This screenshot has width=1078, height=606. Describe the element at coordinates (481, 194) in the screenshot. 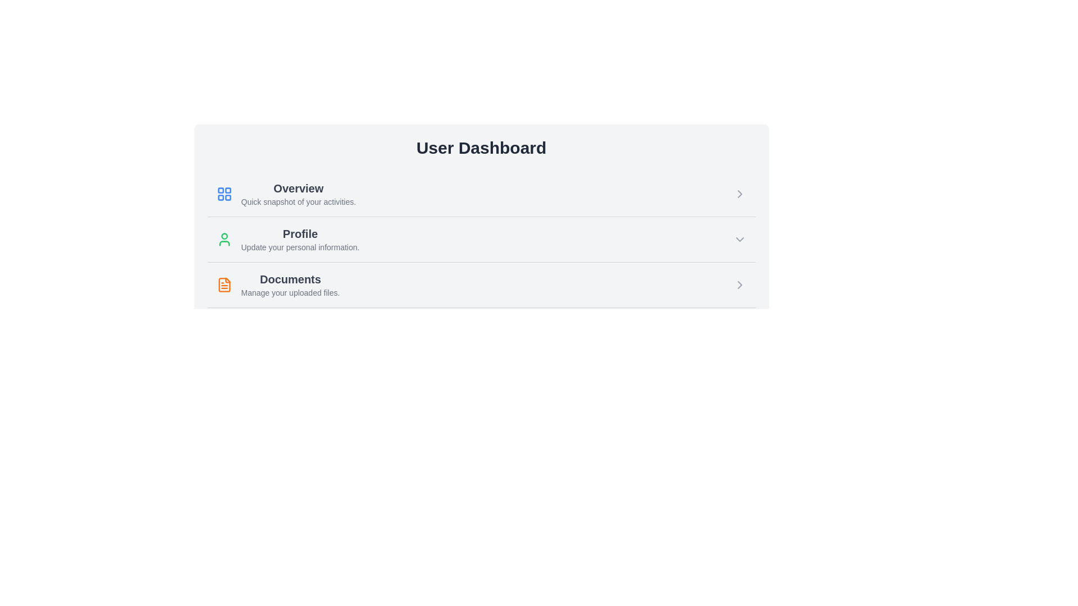

I see `the topmost navigation list item in the User Dashboard` at that location.